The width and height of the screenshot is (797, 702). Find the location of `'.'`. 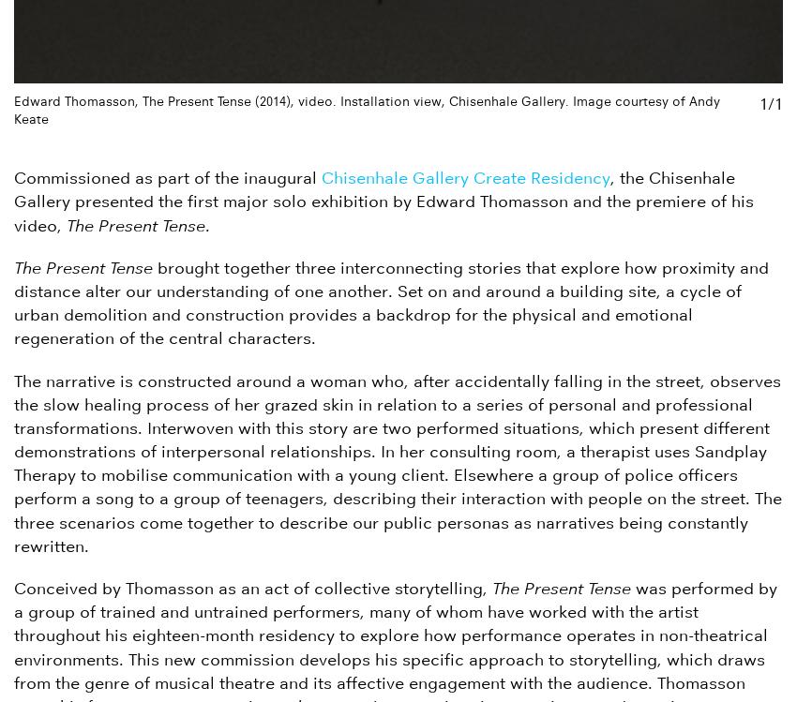

'.' is located at coordinates (207, 224).